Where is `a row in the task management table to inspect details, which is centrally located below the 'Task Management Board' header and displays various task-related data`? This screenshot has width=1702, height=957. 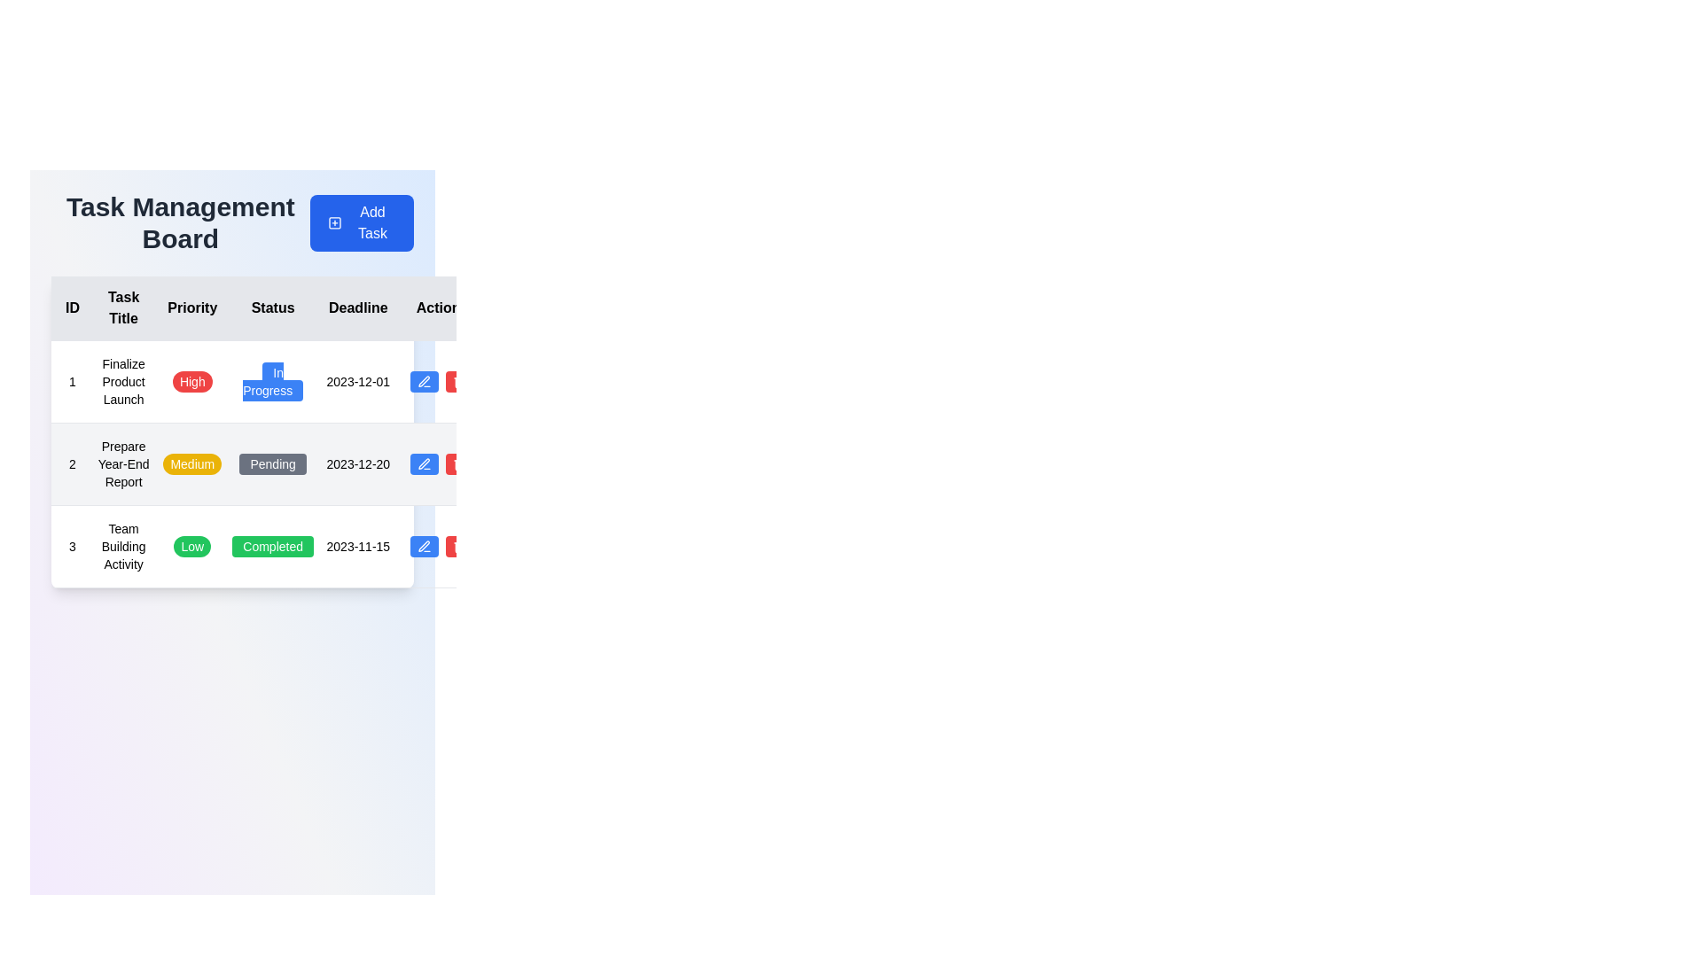
a row in the task management table to inspect details, which is centrally located below the 'Task Management Board' header and displays various task-related data is located at coordinates (266, 432).